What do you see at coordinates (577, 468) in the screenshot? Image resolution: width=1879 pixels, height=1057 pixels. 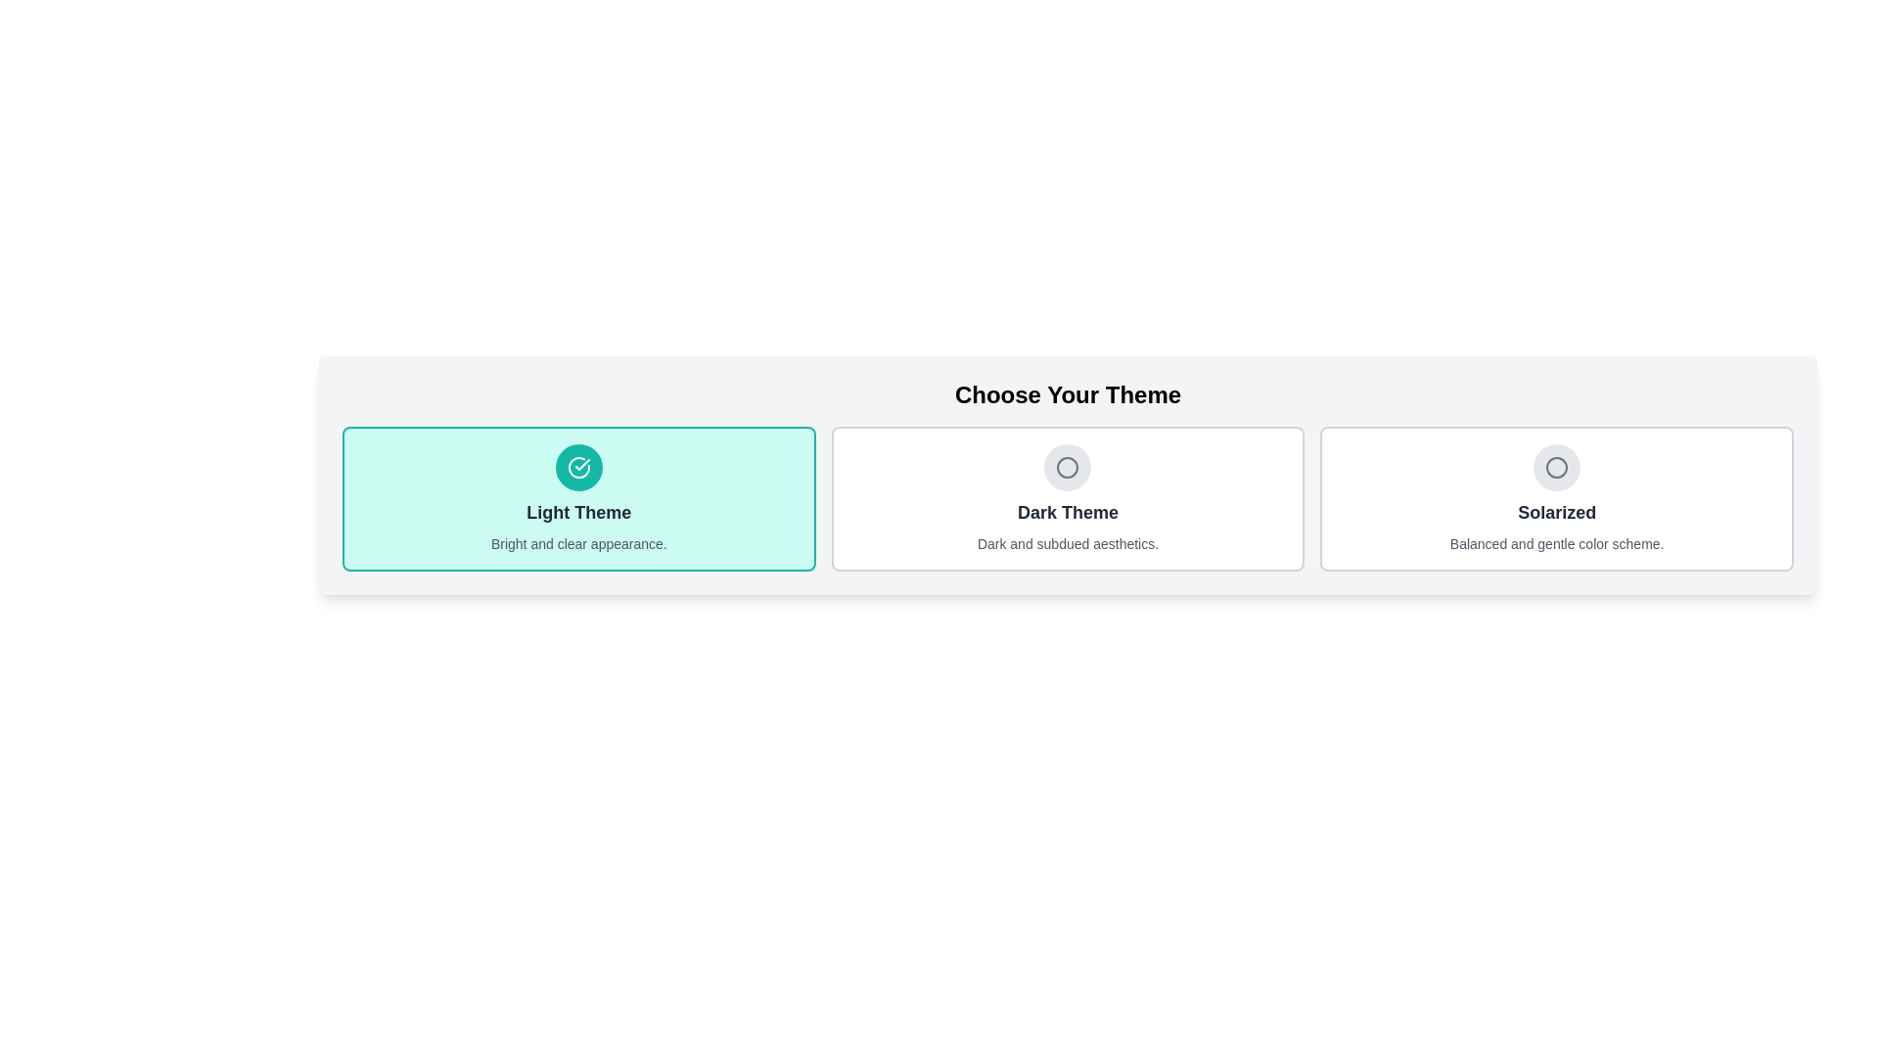 I see `the circular icon with a teal background and a white checkmark, located at the top center of the 'Light Theme' card` at bounding box center [577, 468].